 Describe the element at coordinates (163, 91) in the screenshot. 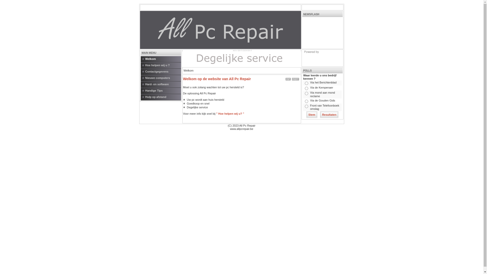

I see `'Handige Tips'` at that location.